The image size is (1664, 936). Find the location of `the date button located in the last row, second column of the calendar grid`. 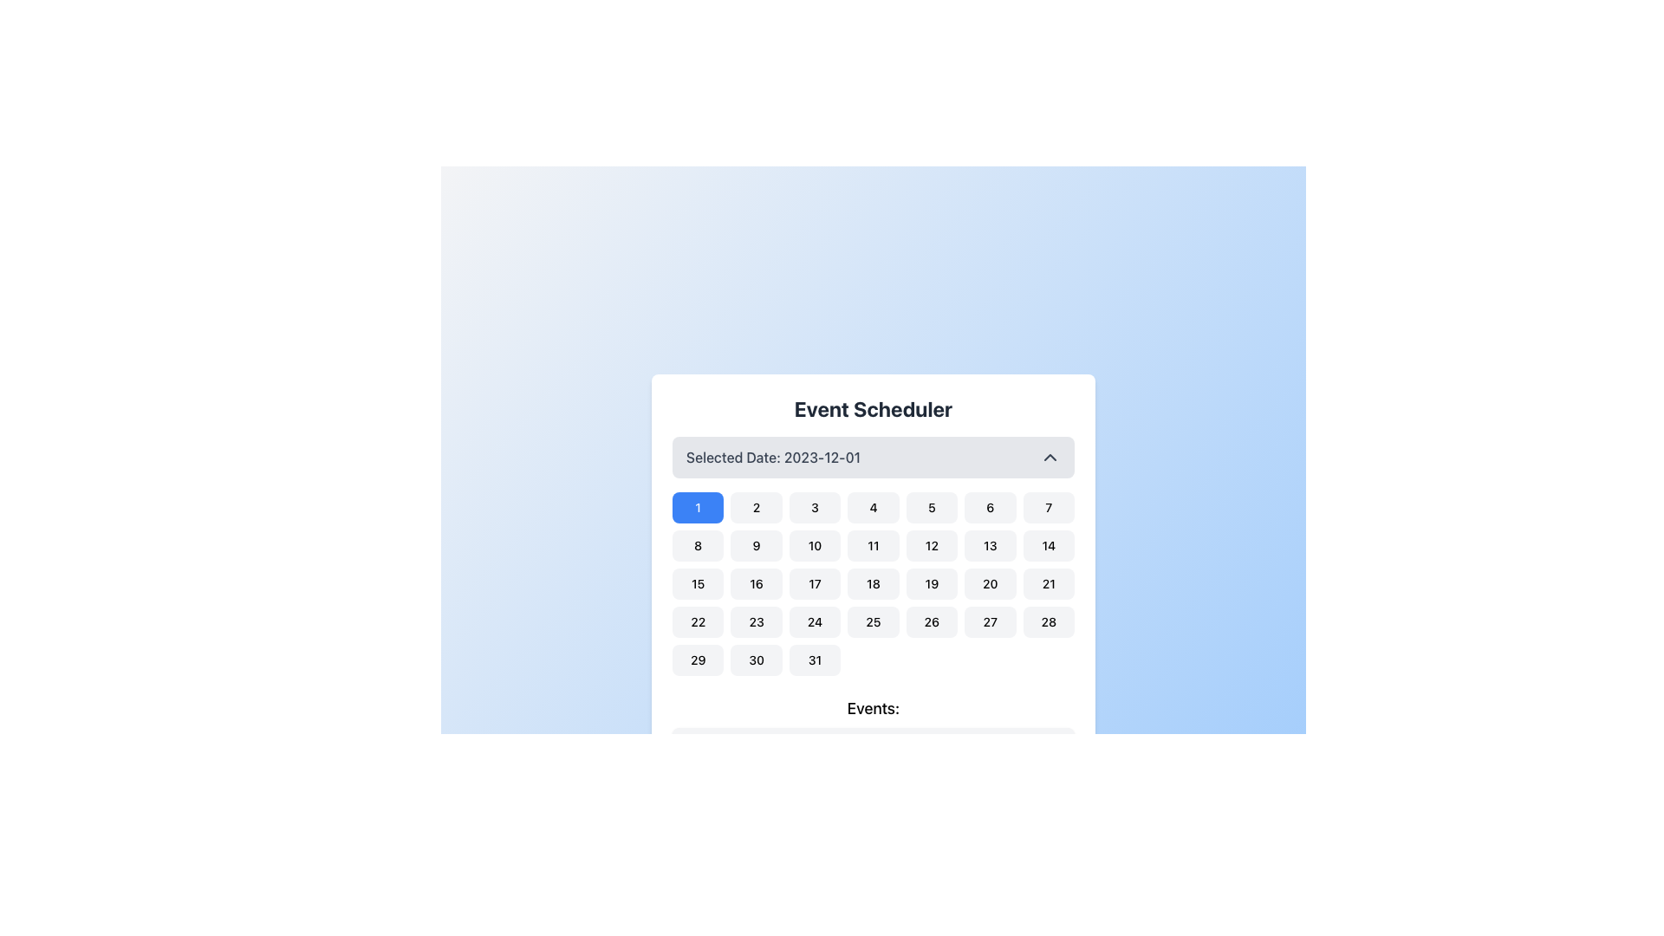

the date button located in the last row, second column of the calendar grid is located at coordinates (757, 660).